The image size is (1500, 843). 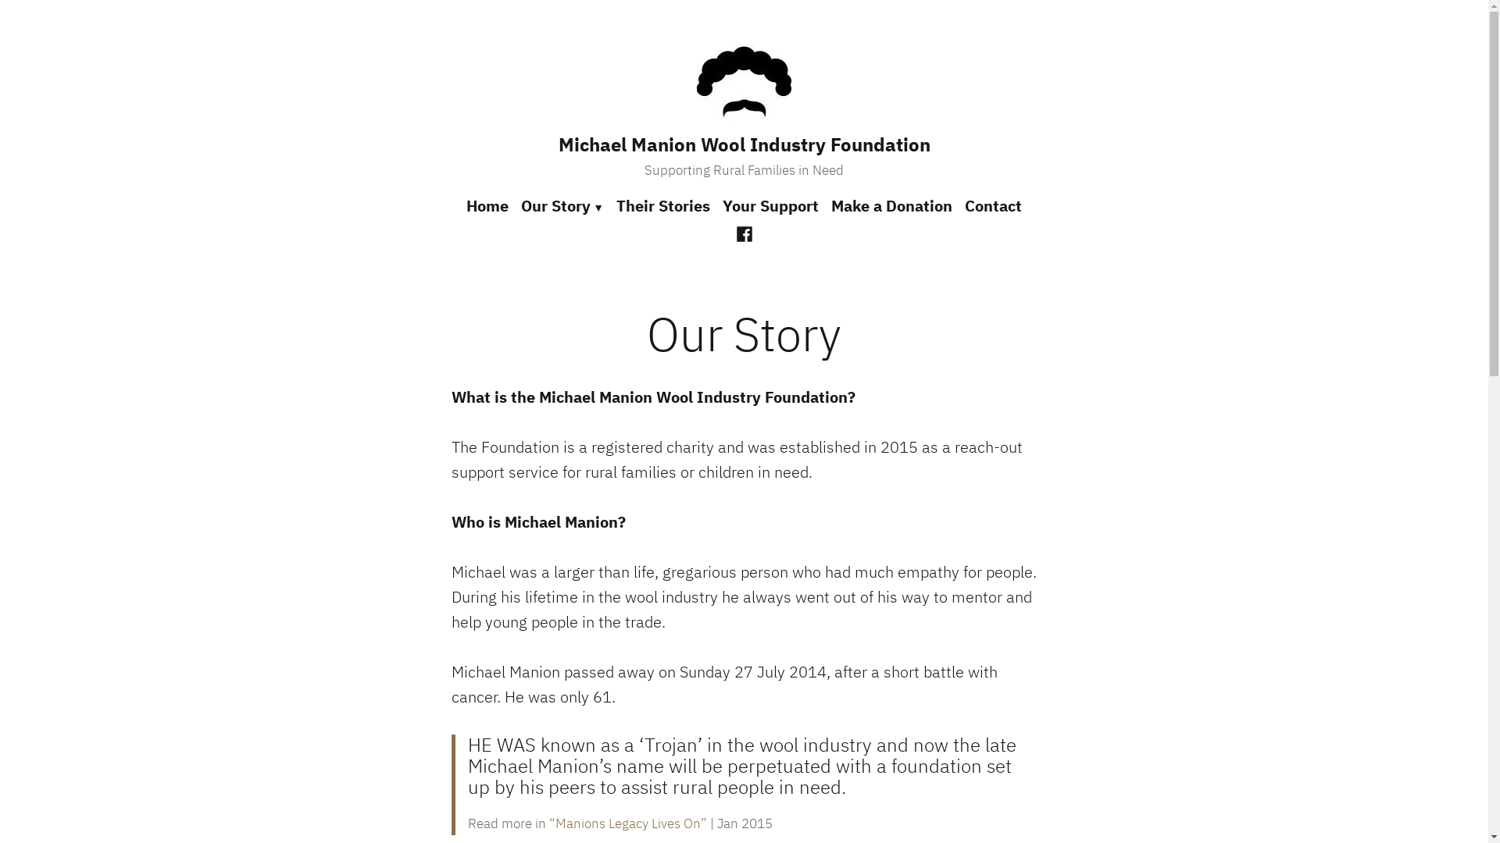 I want to click on 'Contact', so click(x=989, y=206).